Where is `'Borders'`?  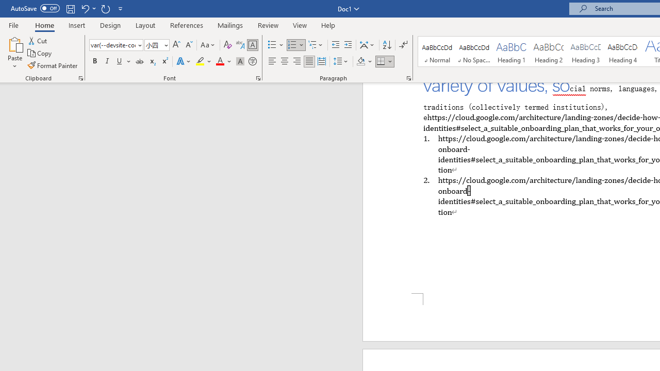 'Borders' is located at coordinates (381, 61).